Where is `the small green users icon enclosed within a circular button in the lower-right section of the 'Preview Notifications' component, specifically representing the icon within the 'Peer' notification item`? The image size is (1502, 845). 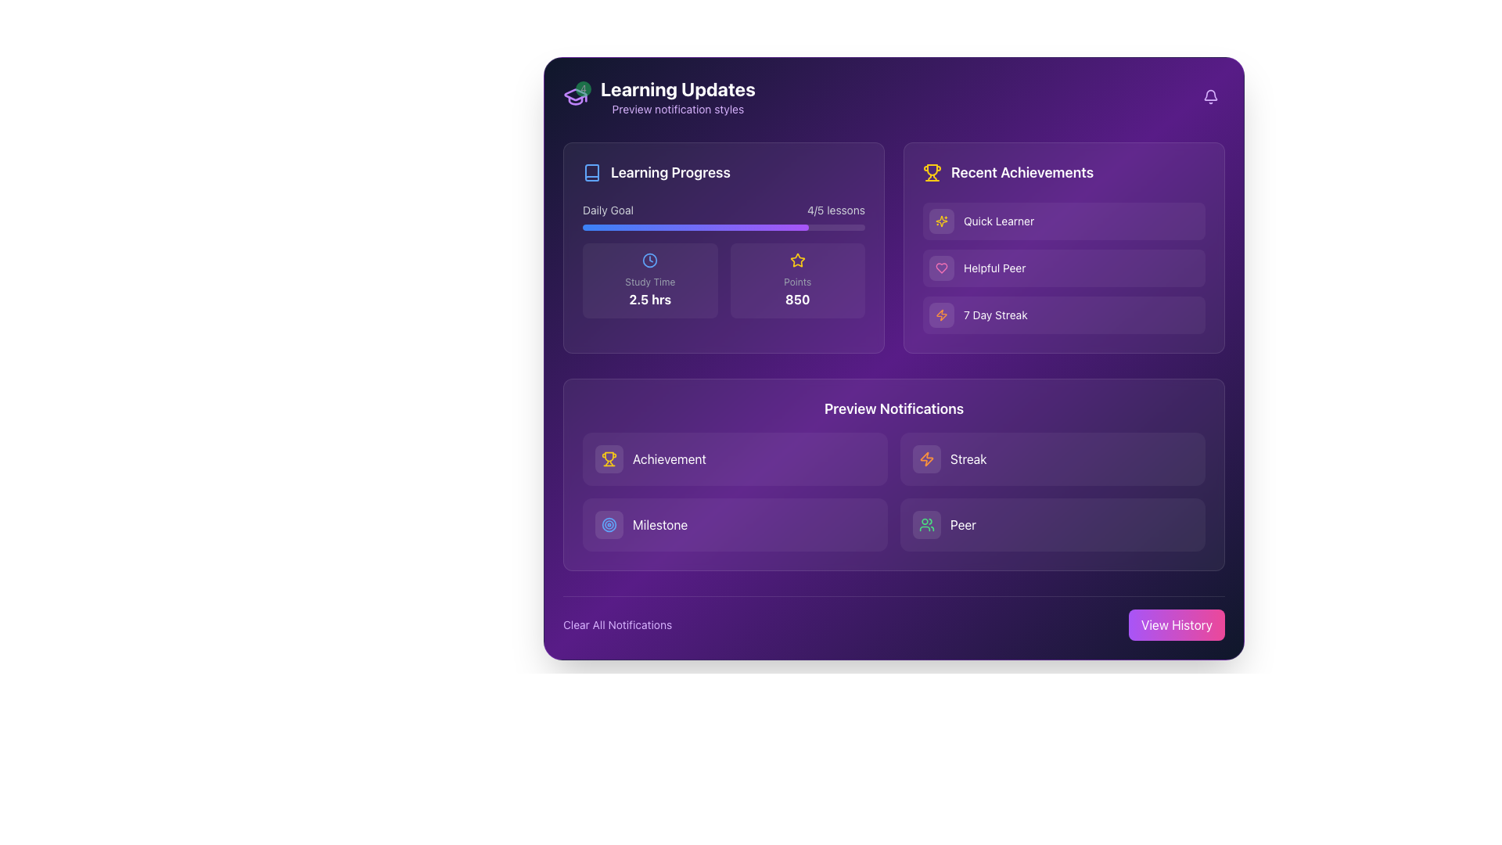
the small green users icon enclosed within a circular button in the lower-right section of the 'Preview Notifications' component, specifically representing the icon within the 'Peer' notification item is located at coordinates (927, 525).